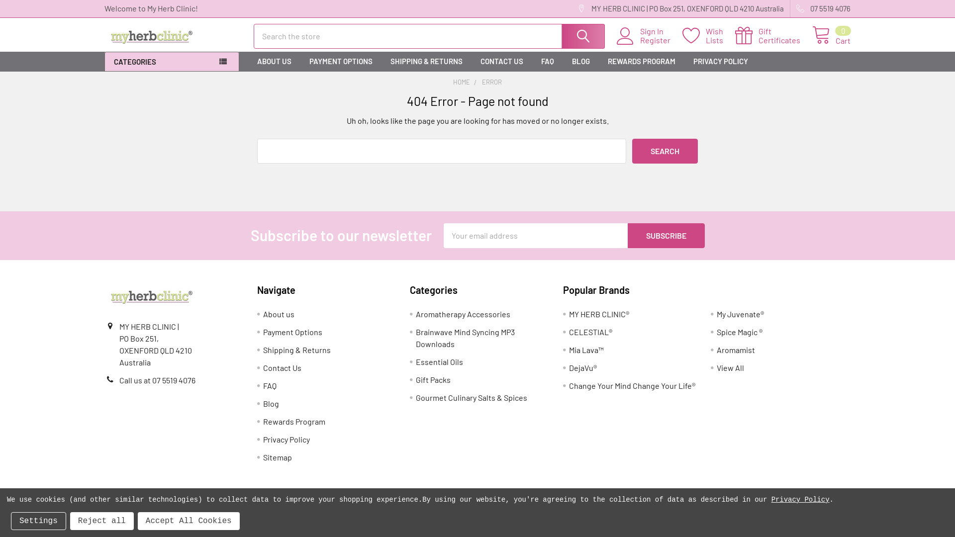 The height and width of the screenshot is (537, 955). What do you see at coordinates (251, 513) in the screenshot?
I see `'BigCommerce'` at bounding box center [251, 513].